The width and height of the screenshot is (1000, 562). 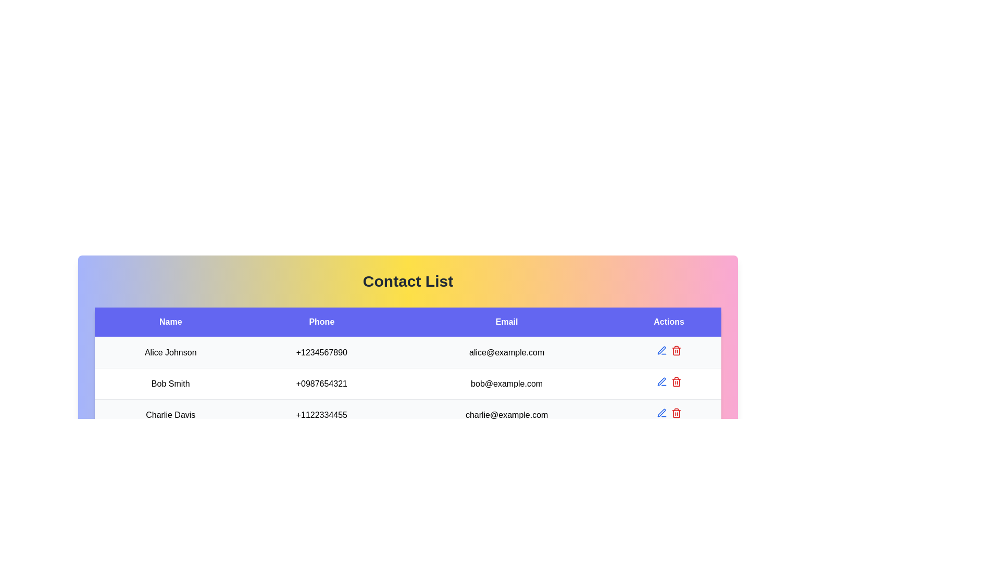 What do you see at coordinates (676, 413) in the screenshot?
I see `the delete button icon in the 'Actions' column of the third row` at bounding box center [676, 413].